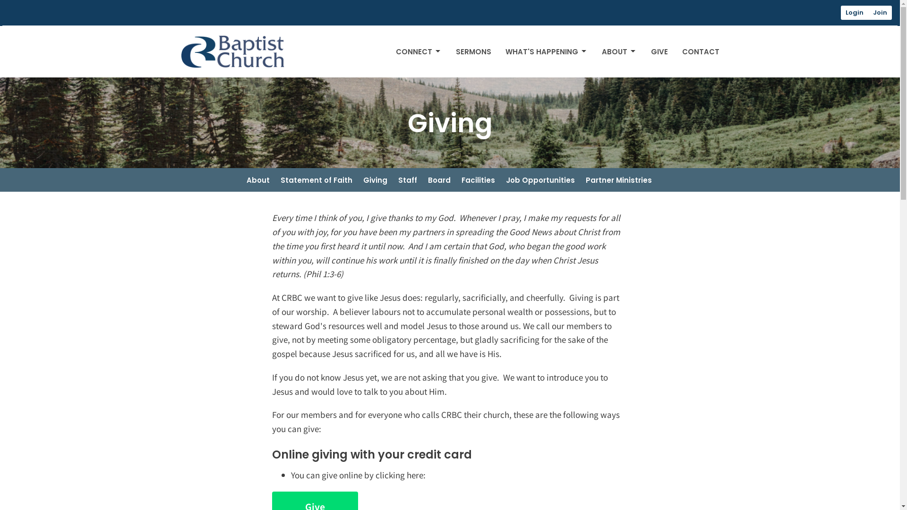 The height and width of the screenshot is (510, 907). Describe the element at coordinates (539, 180) in the screenshot. I see `'Job Opportunities'` at that location.